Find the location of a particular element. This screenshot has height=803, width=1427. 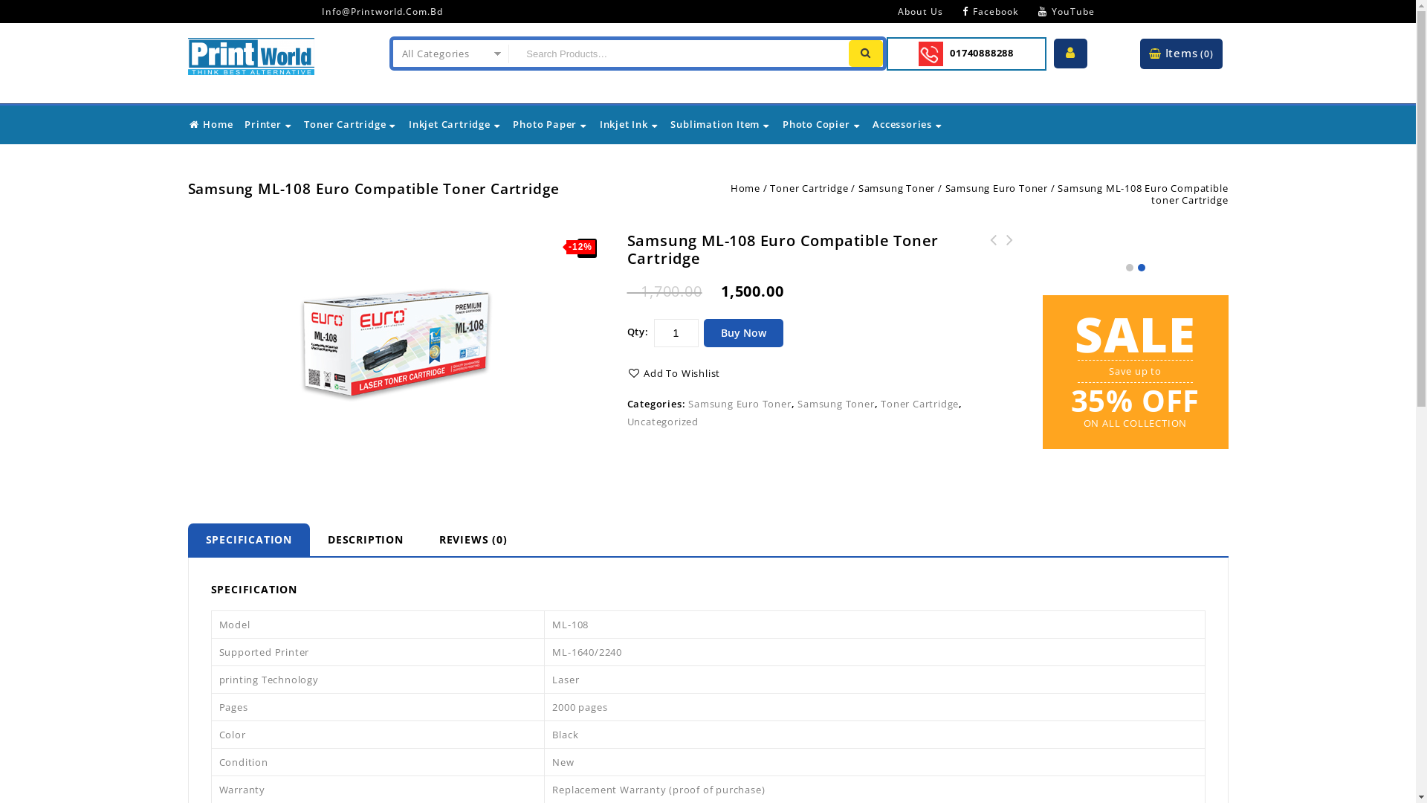

'Sublimation Item' is located at coordinates (669, 123).